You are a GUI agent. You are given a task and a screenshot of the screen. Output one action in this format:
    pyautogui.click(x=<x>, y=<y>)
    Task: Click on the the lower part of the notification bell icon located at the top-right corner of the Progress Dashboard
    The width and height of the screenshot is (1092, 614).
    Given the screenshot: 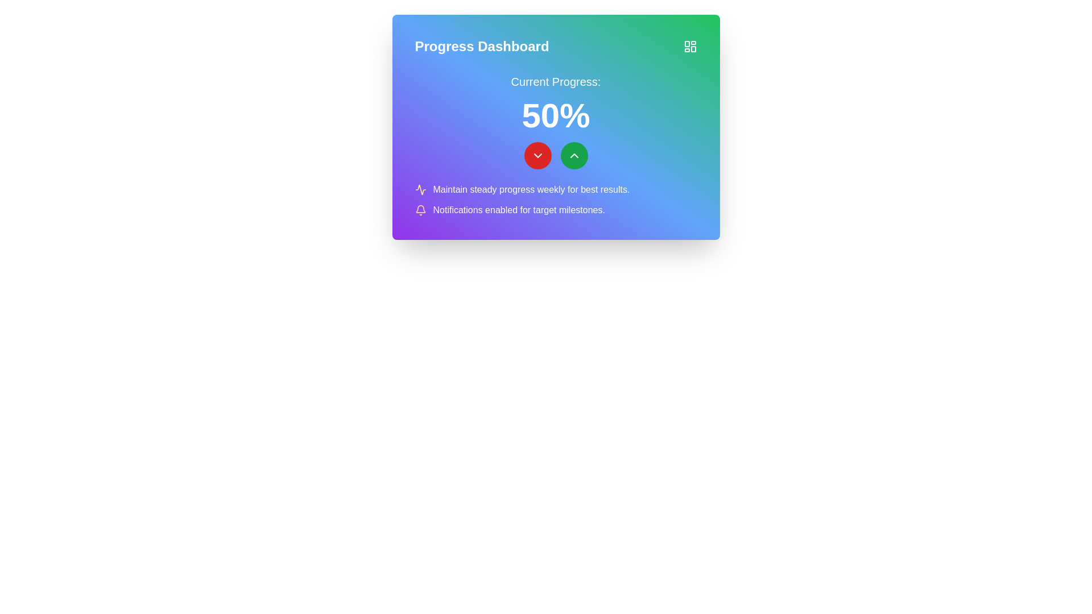 What is the action you would take?
    pyautogui.click(x=420, y=209)
    